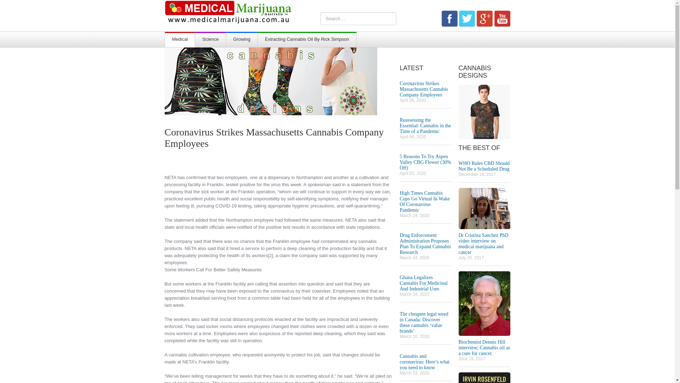  I want to click on 'WHO Rules CBD Should Not Be a Scheduled Drug', so click(483, 166).